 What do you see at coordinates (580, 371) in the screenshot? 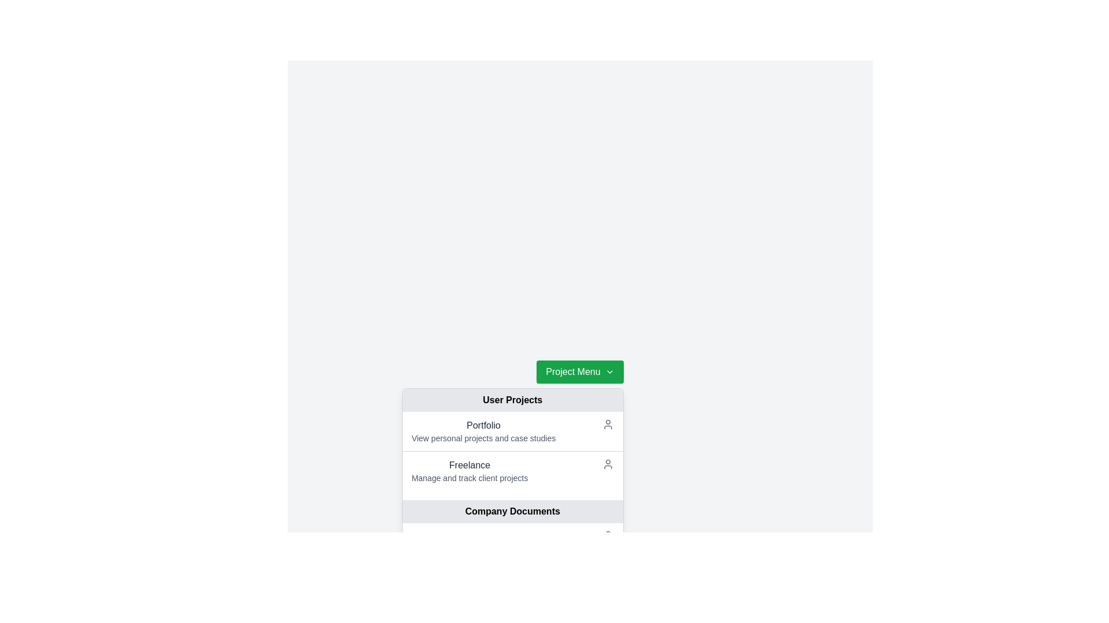
I see `the collapsible menu trigger button located at the top of the dropdown menu` at bounding box center [580, 371].